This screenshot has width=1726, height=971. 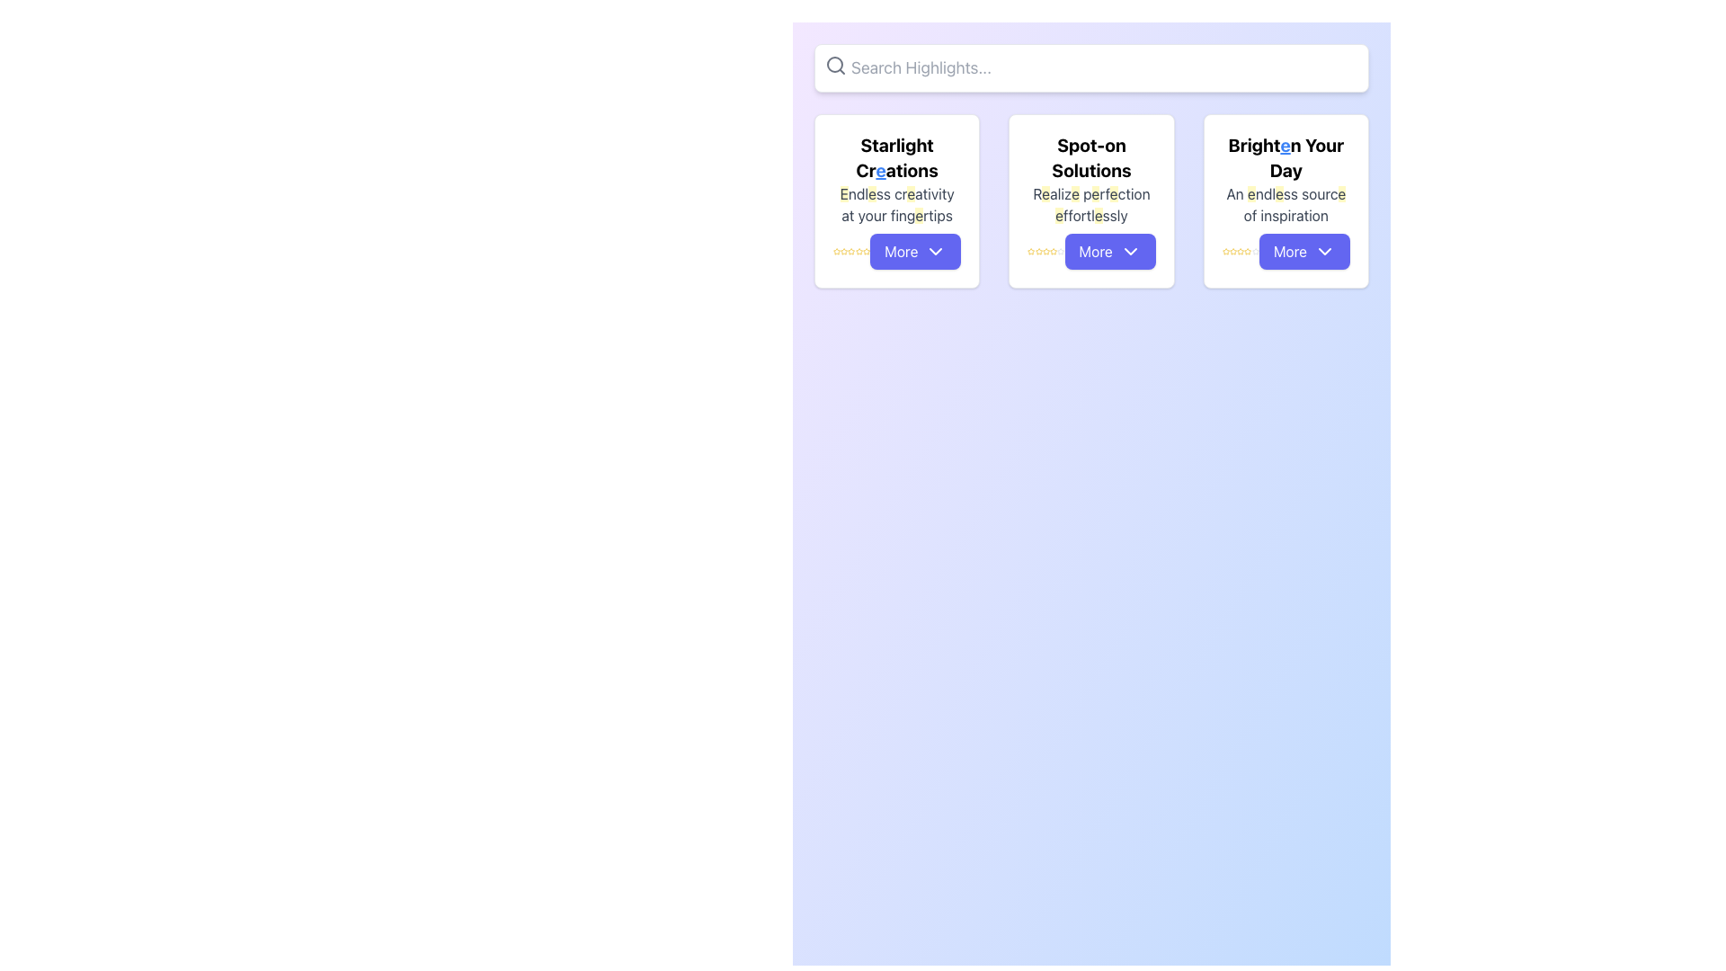 I want to click on the text snippet 'ndl' which is part of the description of the third card titled 'Brighten Your Day', located in the second horizontal row of text that reads 'An endless source of inspiration.', so click(x=1264, y=194).